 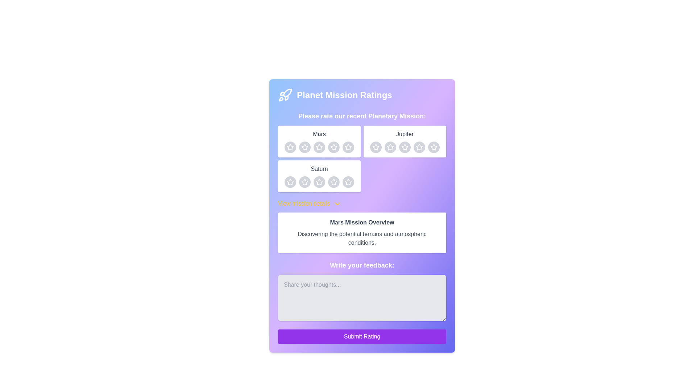 I want to click on the fourth star icon in the rating system under the 'Jupiter' header, so click(x=376, y=147).